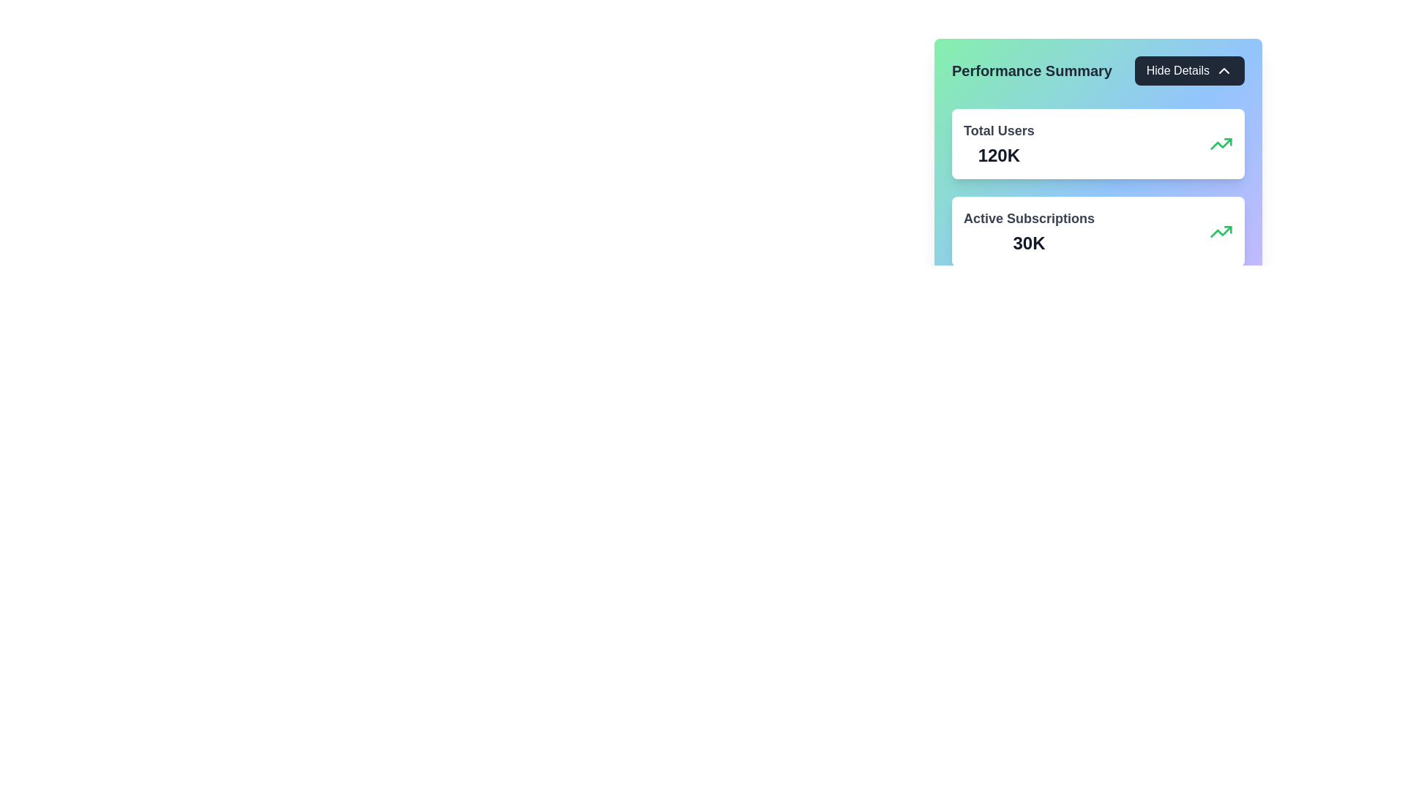 The height and width of the screenshot is (790, 1405). What do you see at coordinates (1028, 242) in the screenshot?
I see `the text element displaying '30K' in a bold, large font, located beneath the 'Active Subscriptions' label in the 'Performance Summary' section` at bounding box center [1028, 242].